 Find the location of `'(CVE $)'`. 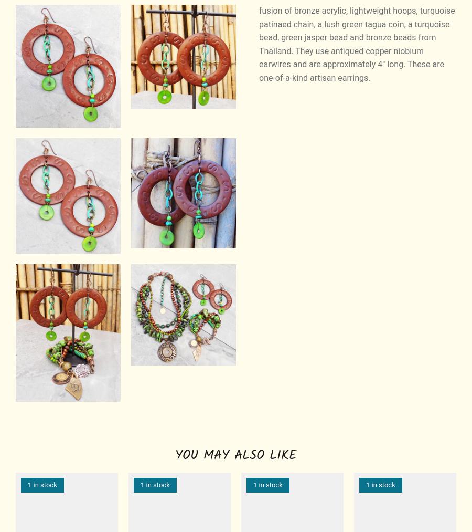

'(CVE $)' is located at coordinates (423, 246).